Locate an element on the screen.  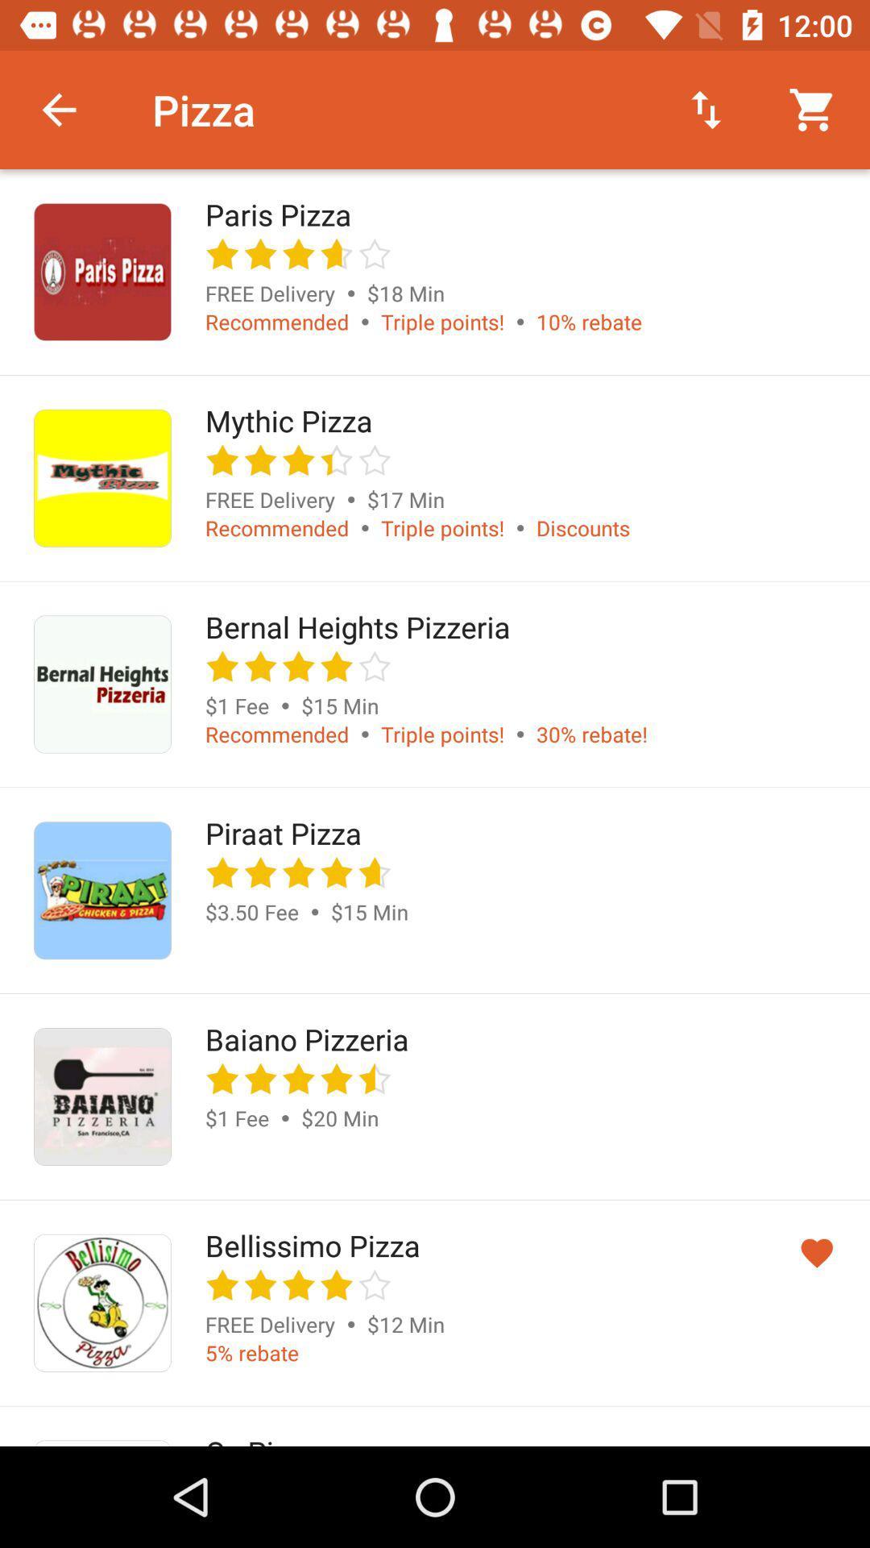
item next to pizza item is located at coordinates (58, 109).